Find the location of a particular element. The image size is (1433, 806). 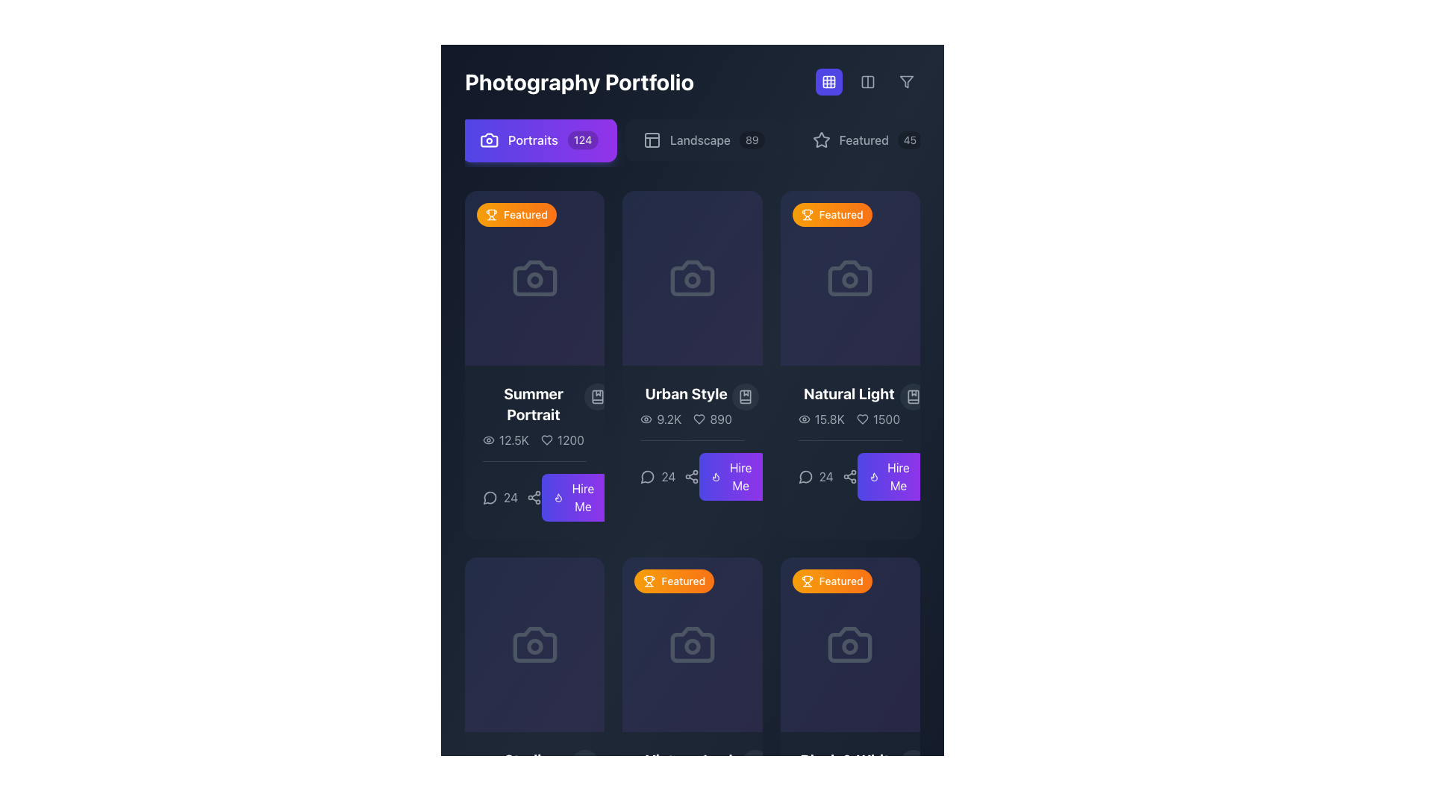

the flame icon, which is a thin-lined white icon on a purple background located within the 'Hire Me' button of the second card in the second row of the grid layout, corresponding to the 'Urban Style' section is located at coordinates (716, 477).